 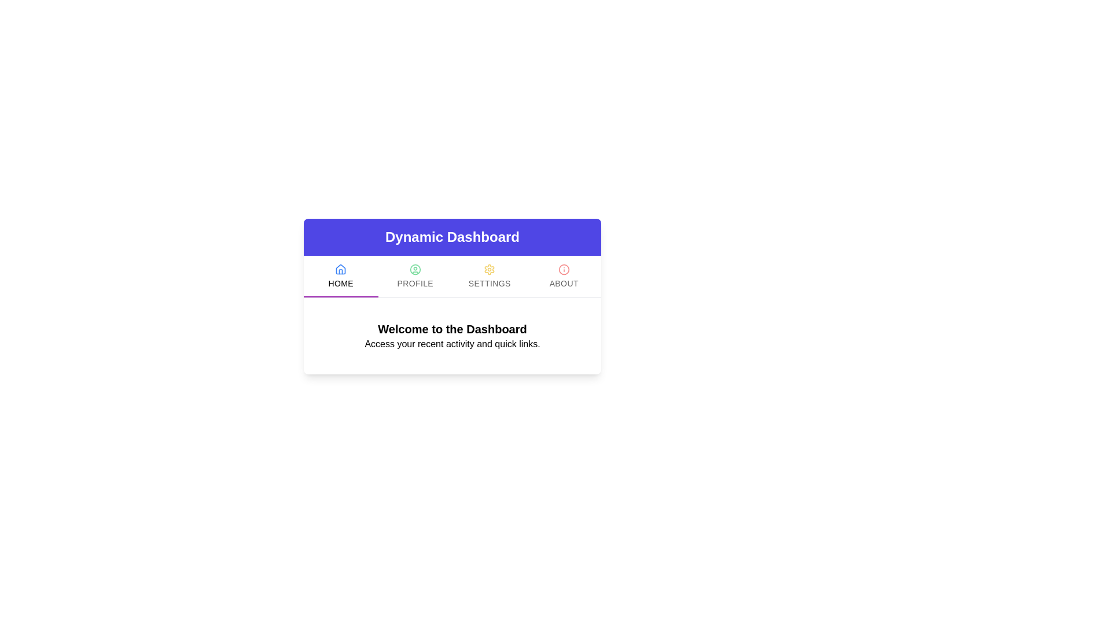 What do you see at coordinates (452, 336) in the screenshot?
I see `the welcome Text Block that informs users about the dashboard functionalities, located directly below the navigation tabs in the Dynamic Dashboard interface` at bounding box center [452, 336].